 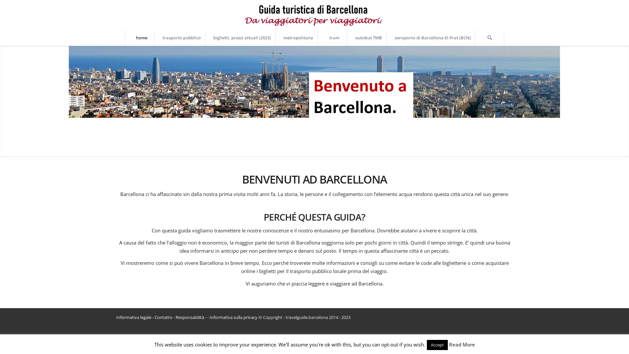 What do you see at coordinates (234, 317) in the screenshot?
I see `'Informativa sulla privacy'` at bounding box center [234, 317].